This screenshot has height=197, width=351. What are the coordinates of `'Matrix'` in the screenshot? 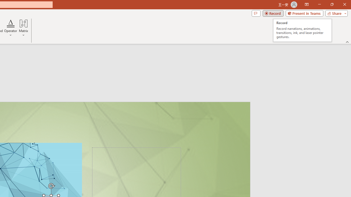 It's located at (23, 28).